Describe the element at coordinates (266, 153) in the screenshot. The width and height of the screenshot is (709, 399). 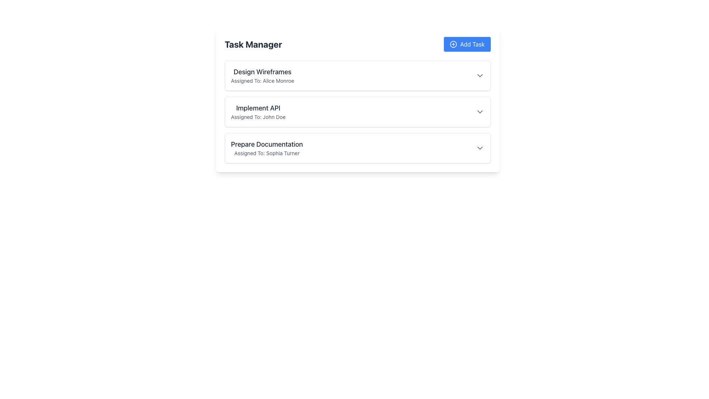
I see `the Static Text Label that reads 'Assigned To: Sophia Turner', which is styled with a gray font color and smaller font size, located below 'Prepare Documentation' within a task card` at that location.